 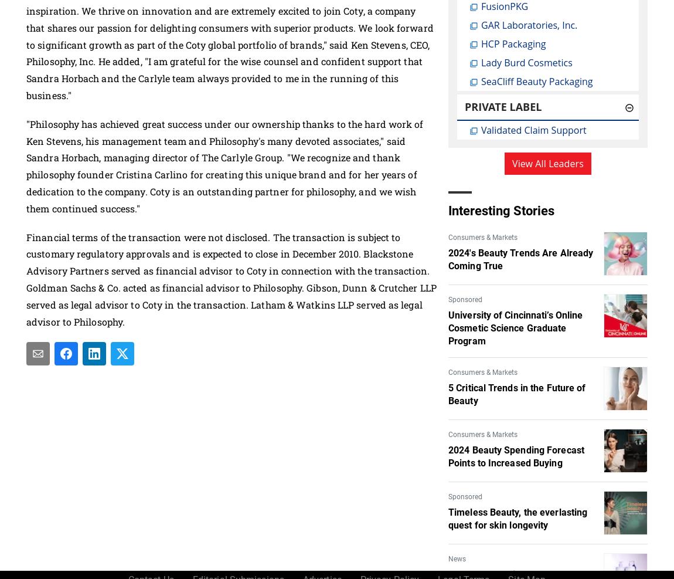 What do you see at coordinates (457, 558) in the screenshot?
I see `'News'` at bounding box center [457, 558].